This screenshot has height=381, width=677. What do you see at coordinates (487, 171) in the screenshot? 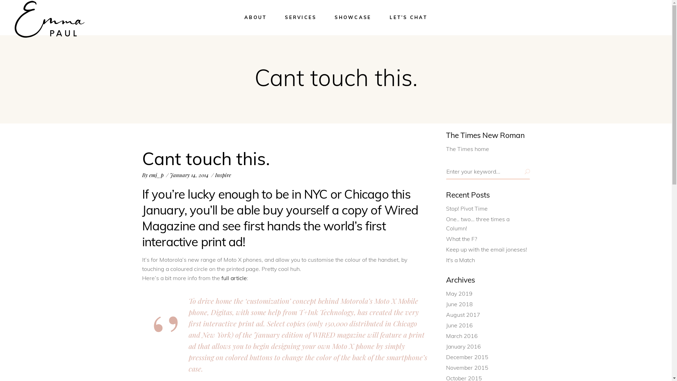
I see `'Search for:'` at bounding box center [487, 171].